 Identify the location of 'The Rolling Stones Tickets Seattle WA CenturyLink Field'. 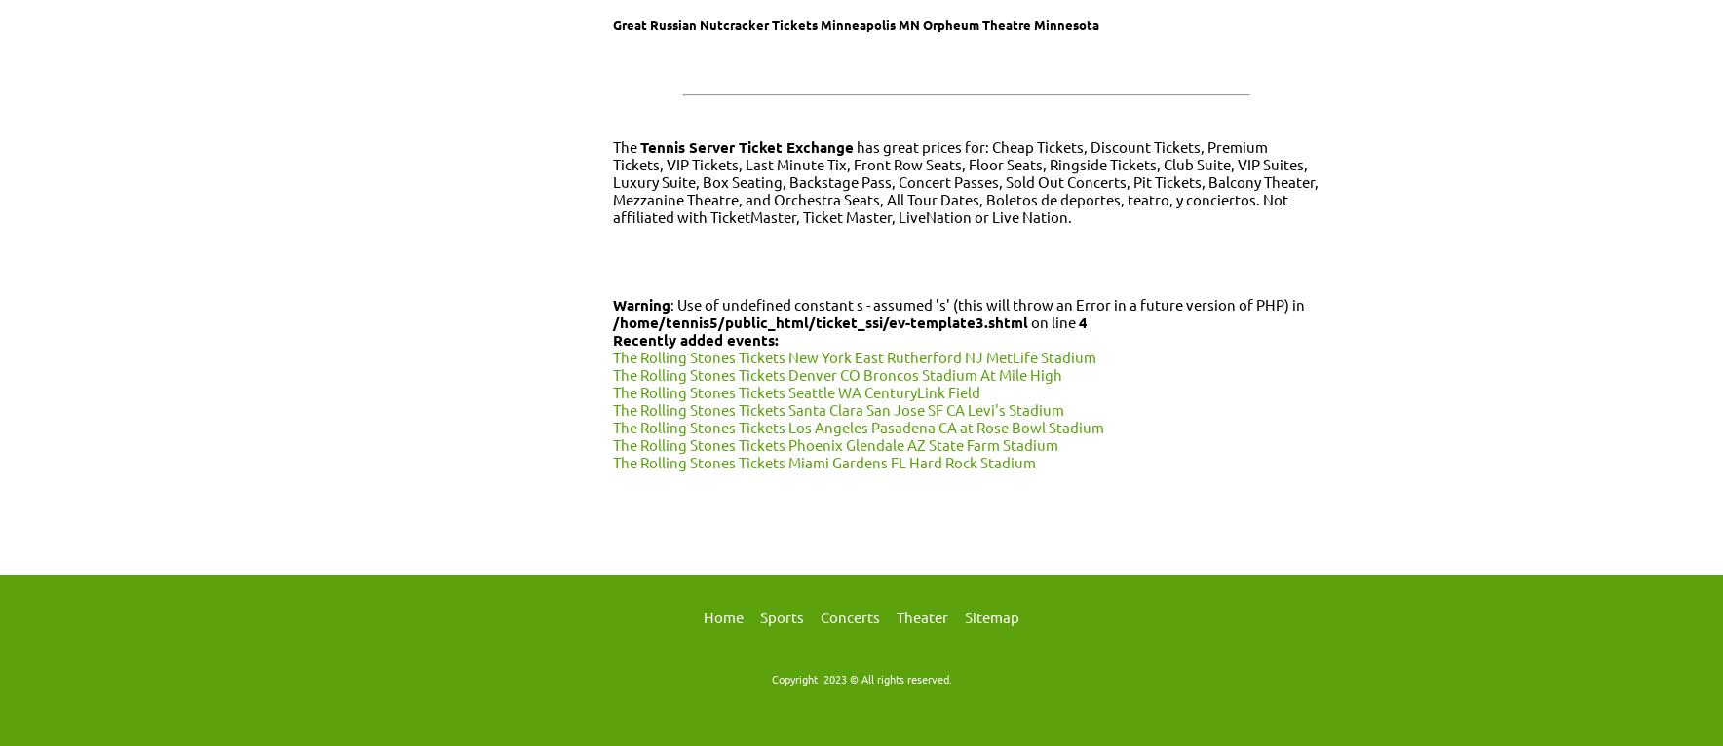
(796, 391).